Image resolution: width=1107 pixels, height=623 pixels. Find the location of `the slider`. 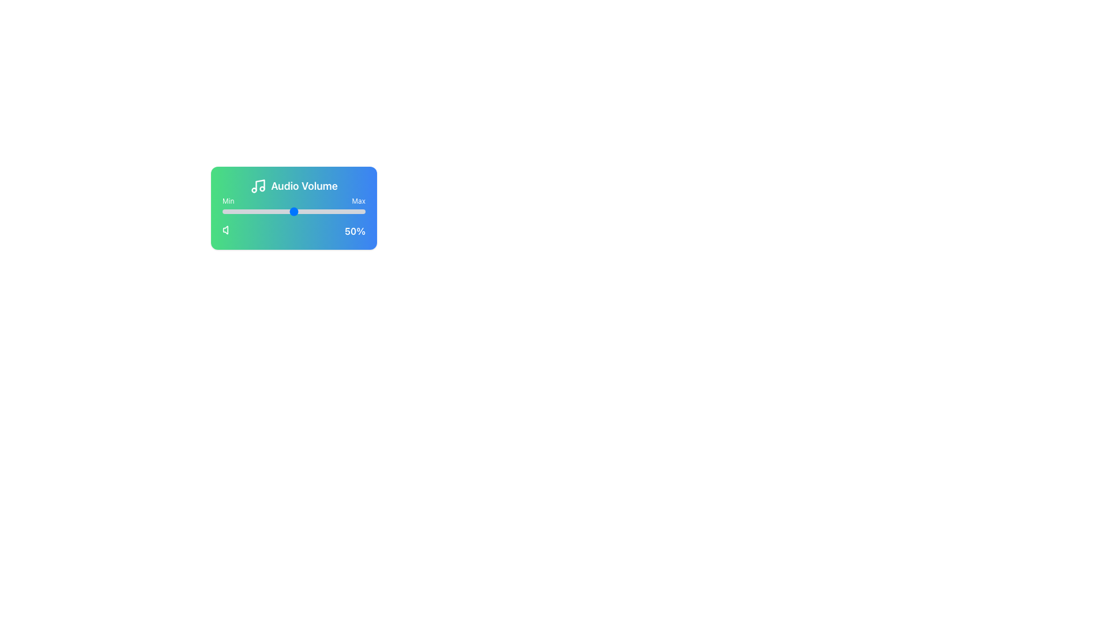

the slider is located at coordinates (289, 211).